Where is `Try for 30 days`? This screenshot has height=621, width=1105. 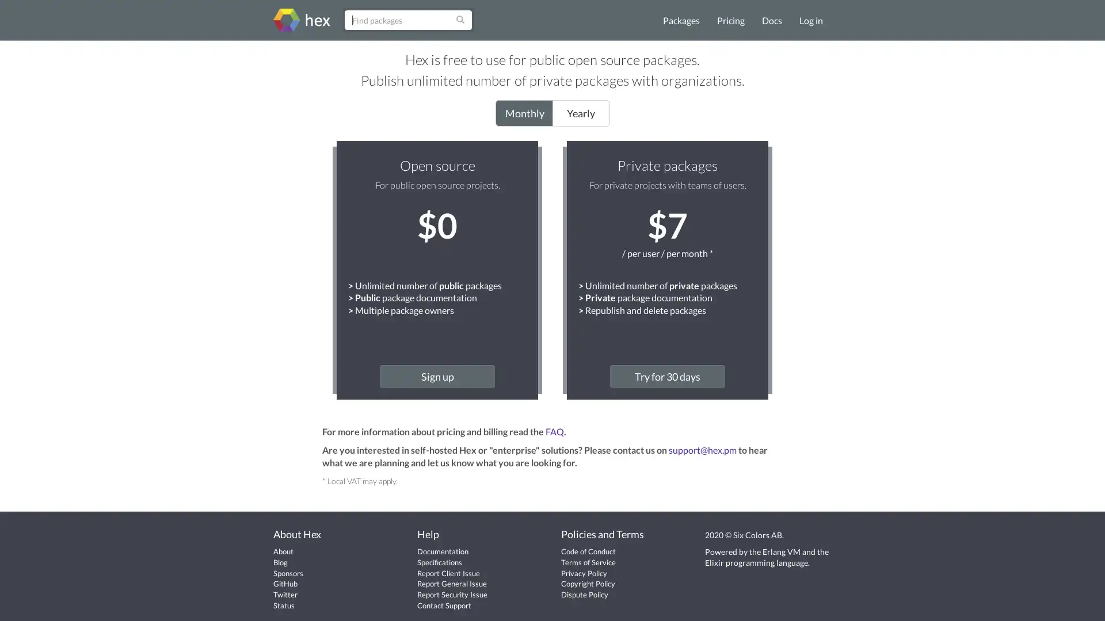
Try for 30 days is located at coordinates (668, 376).